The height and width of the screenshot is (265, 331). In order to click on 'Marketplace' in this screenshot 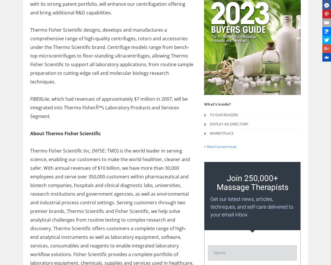, I will do `click(221, 133)`.